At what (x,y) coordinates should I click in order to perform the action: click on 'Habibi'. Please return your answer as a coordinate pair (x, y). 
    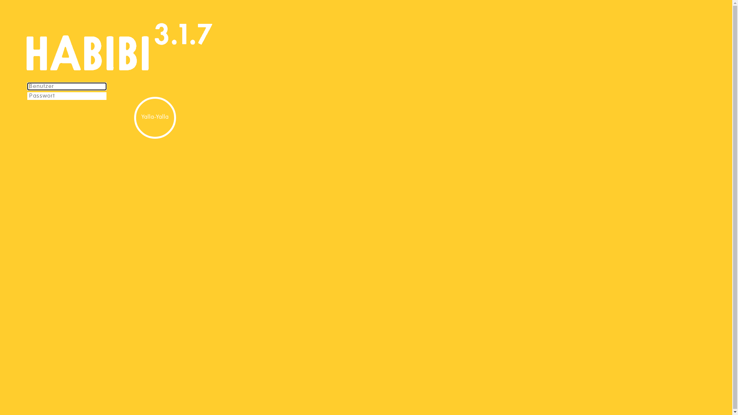
    Looking at the image, I should click on (204, 46).